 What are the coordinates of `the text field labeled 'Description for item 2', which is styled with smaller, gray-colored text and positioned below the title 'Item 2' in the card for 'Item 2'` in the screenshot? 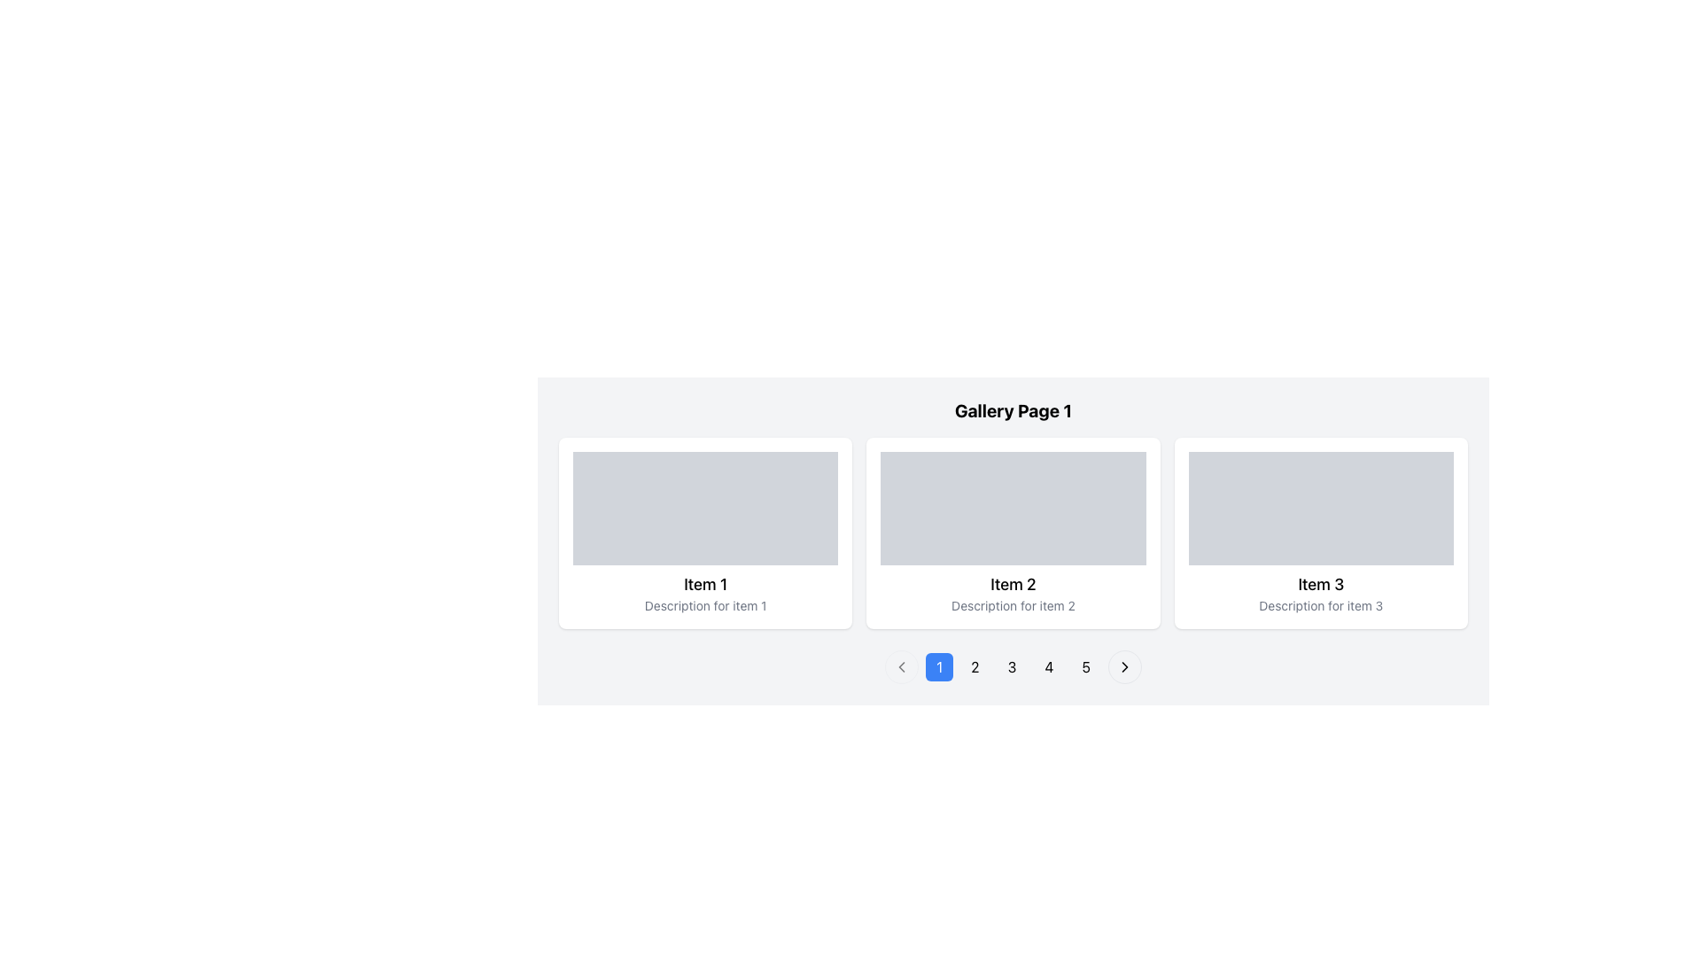 It's located at (1013, 604).